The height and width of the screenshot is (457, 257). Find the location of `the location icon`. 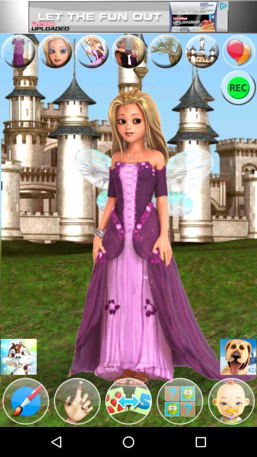

the location icon is located at coordinates (238, 55).